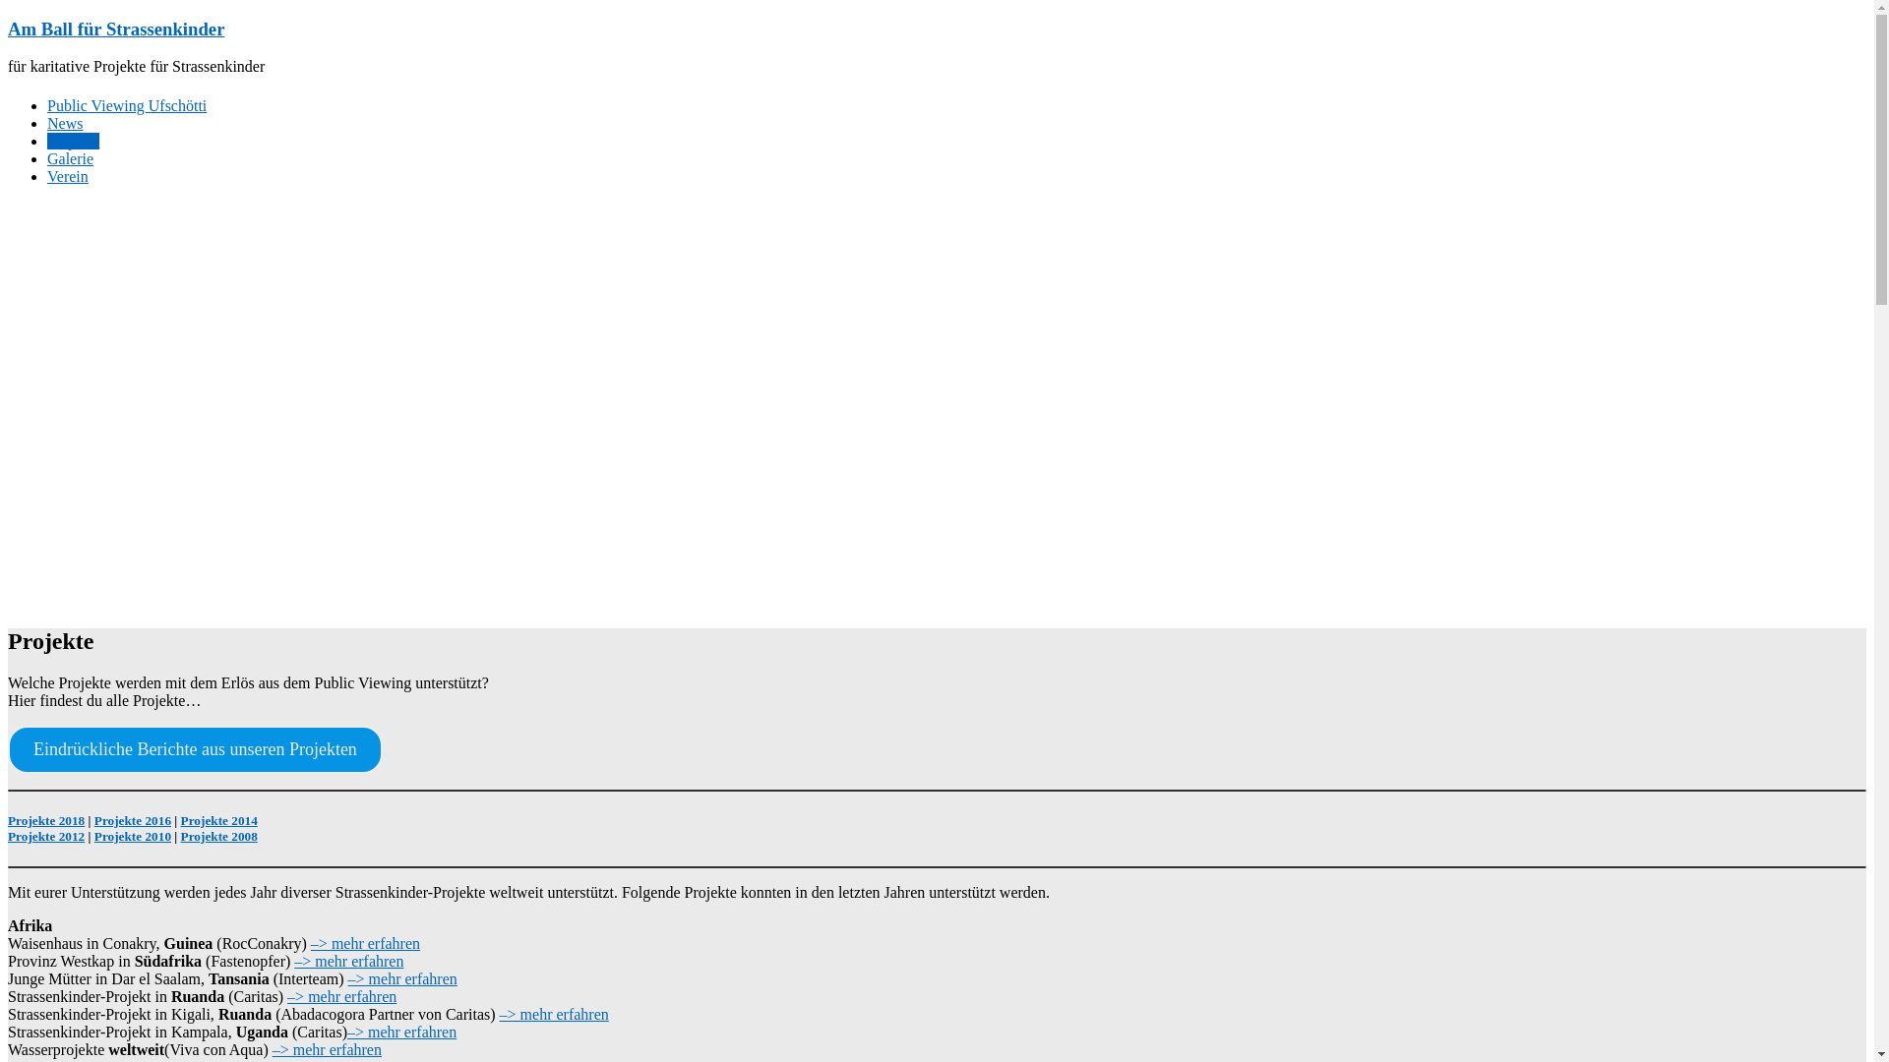 This screenshot has height=1062, width=1889. I want to click on 'Projekte 2018', so click(46, 820).